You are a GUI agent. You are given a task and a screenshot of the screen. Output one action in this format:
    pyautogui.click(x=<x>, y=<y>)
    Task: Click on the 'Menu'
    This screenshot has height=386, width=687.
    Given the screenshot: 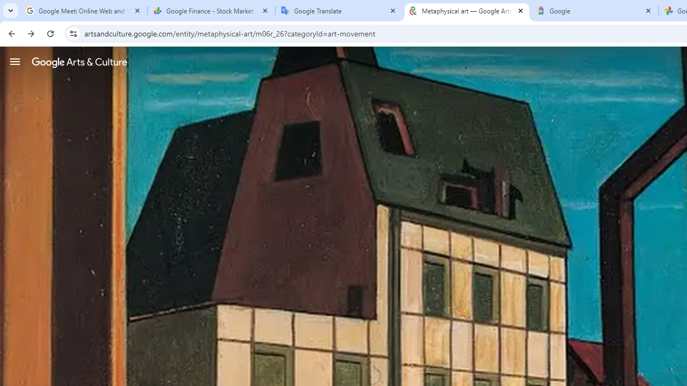 What is the action you would take?
    pyautogui.click(x=15, y=61)
    